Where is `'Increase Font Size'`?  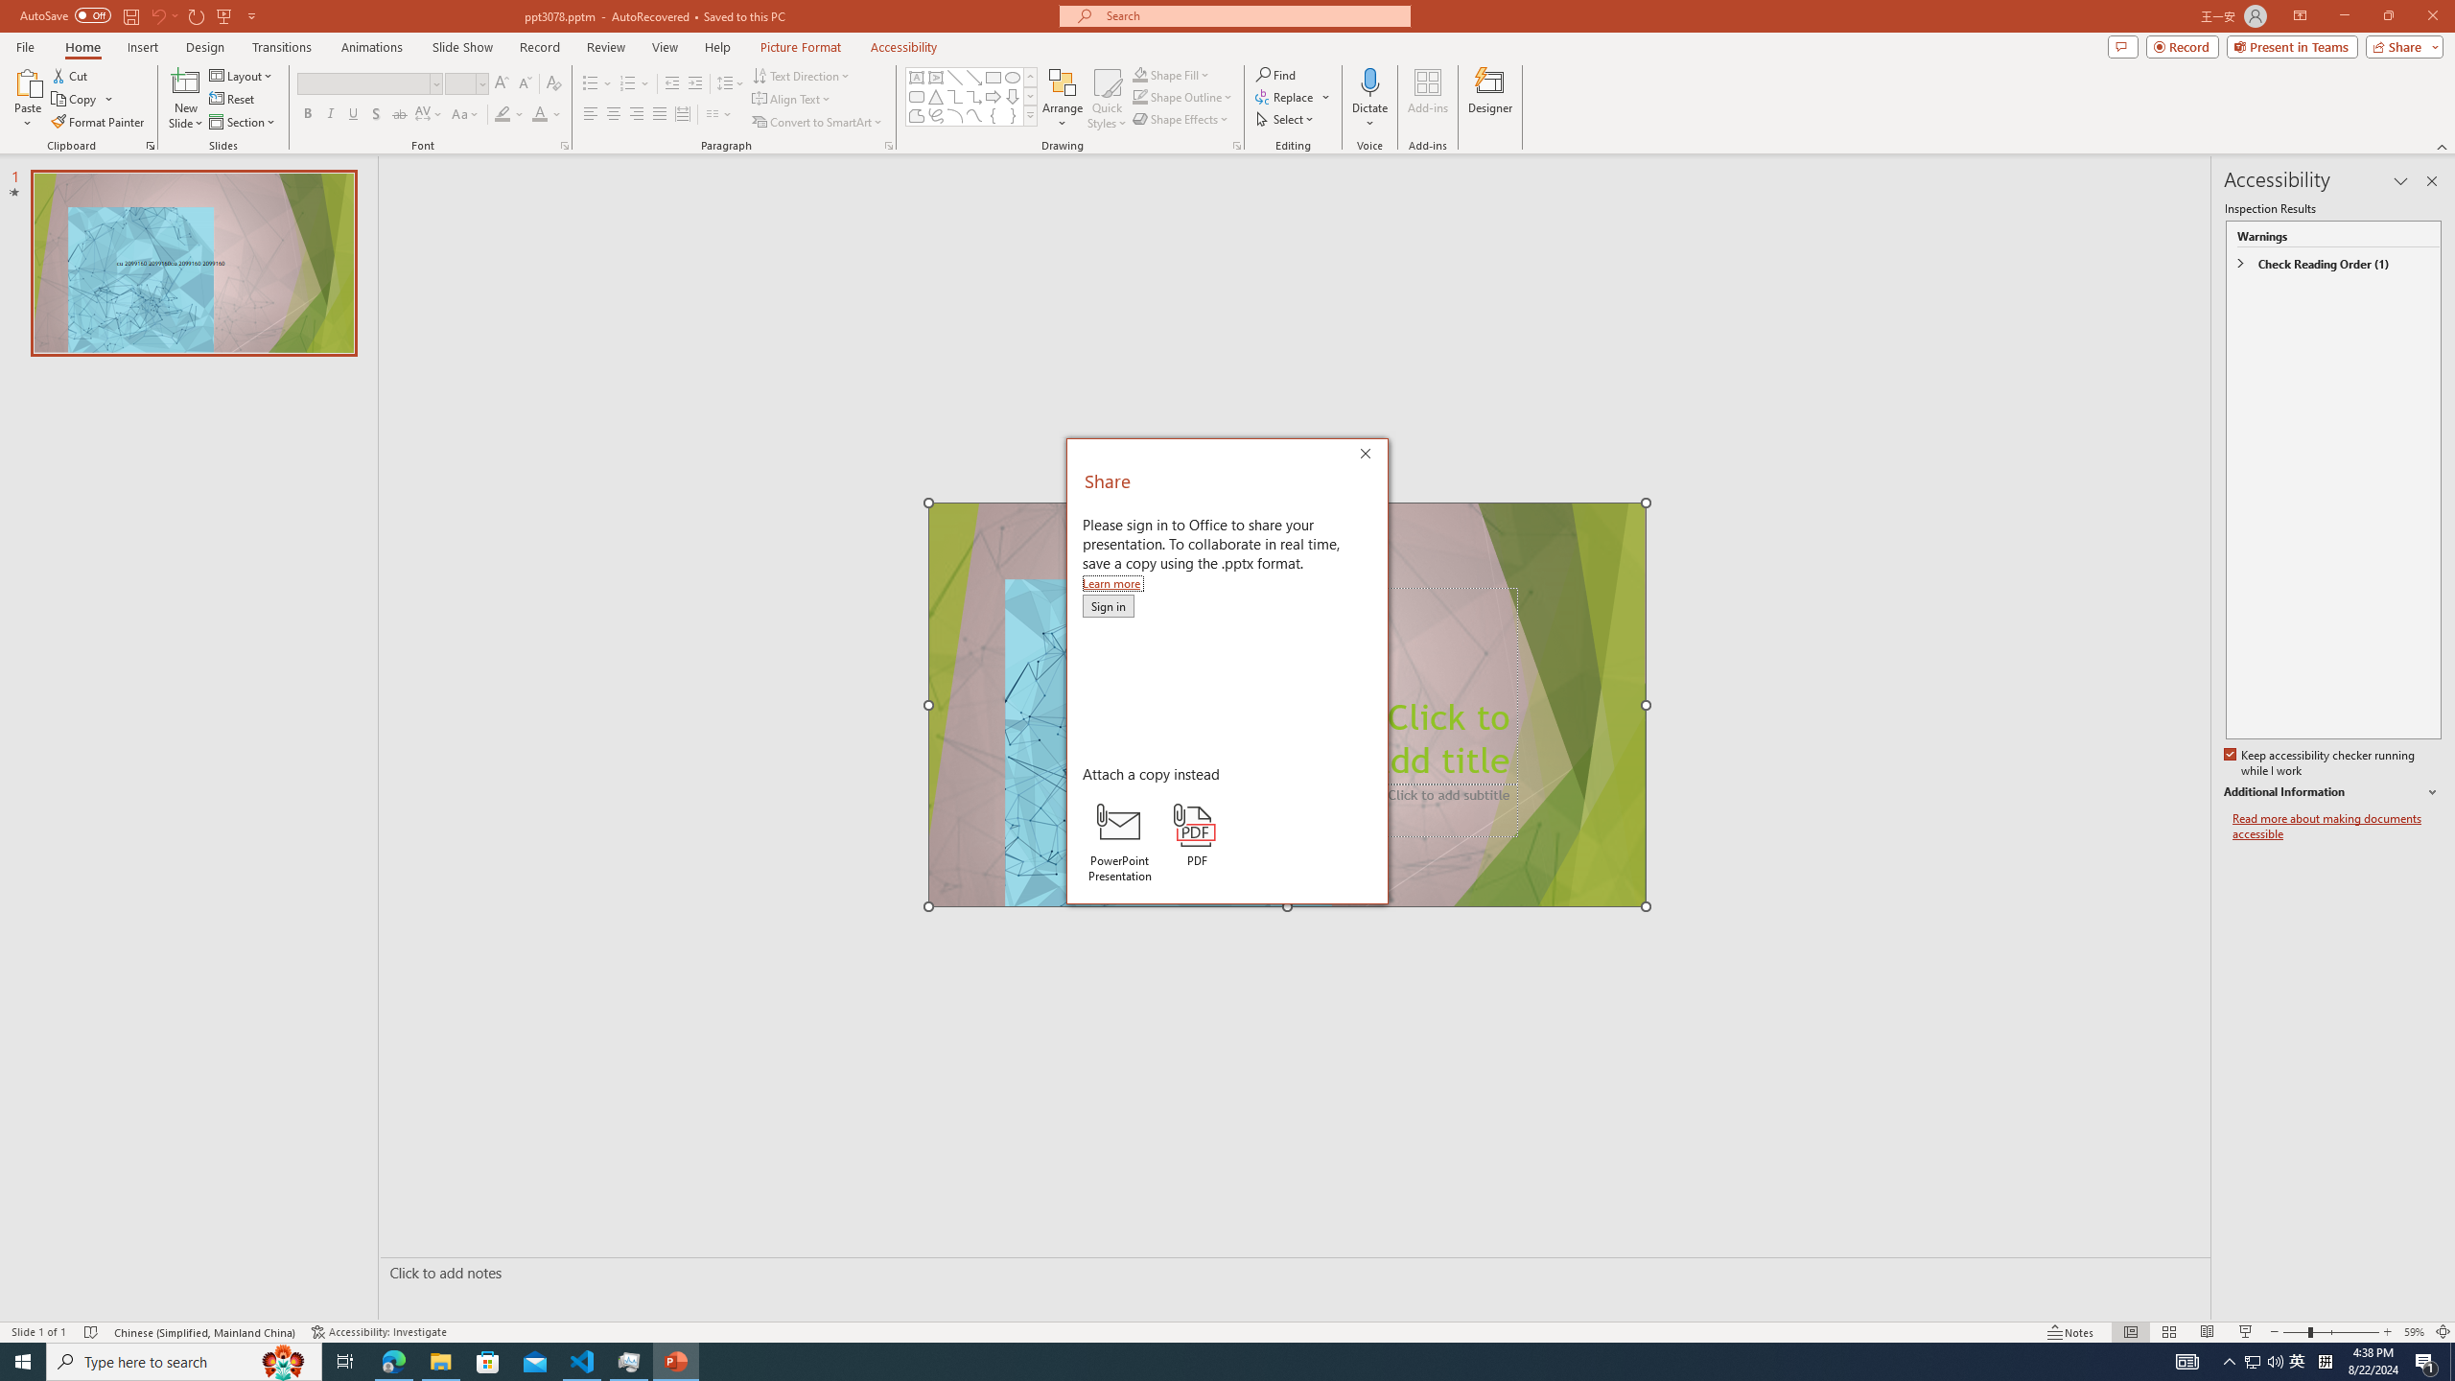 'Increase Font Size' is located at coordinates (501, 83).